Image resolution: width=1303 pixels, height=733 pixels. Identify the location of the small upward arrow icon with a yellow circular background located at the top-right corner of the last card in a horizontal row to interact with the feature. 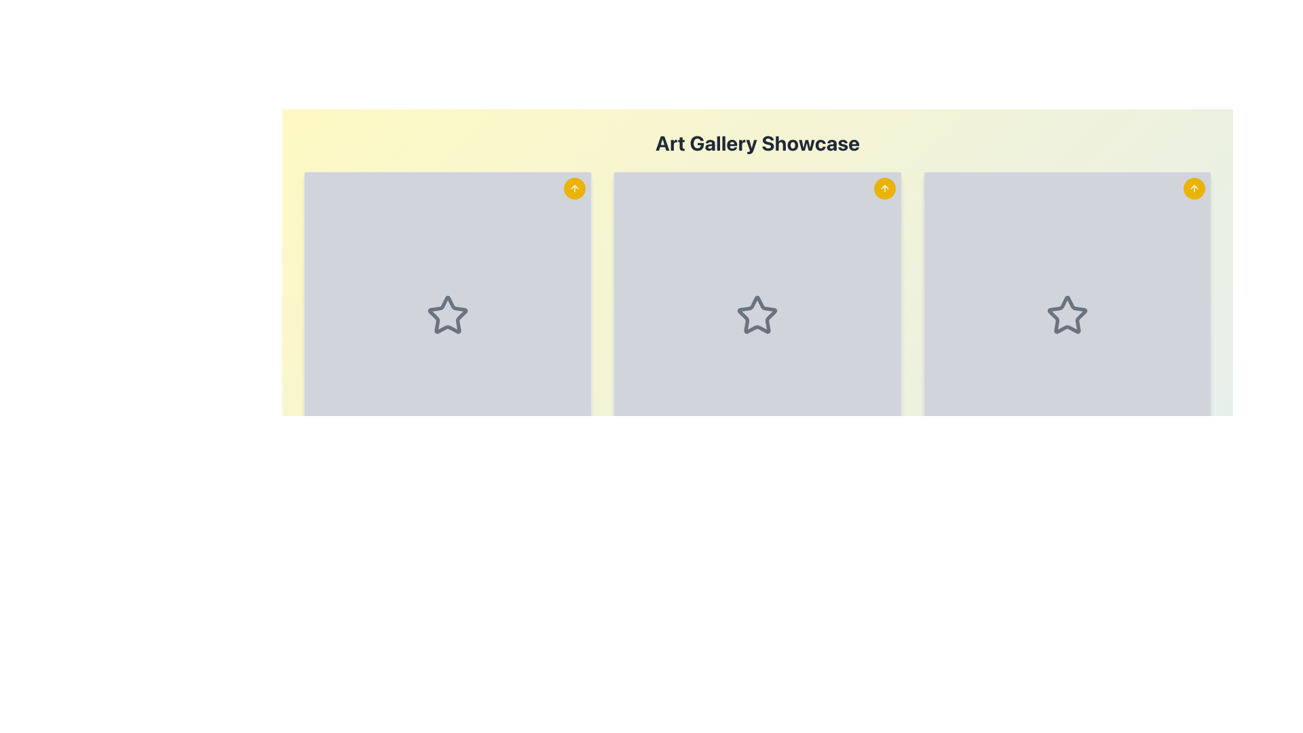
(1194, 188).